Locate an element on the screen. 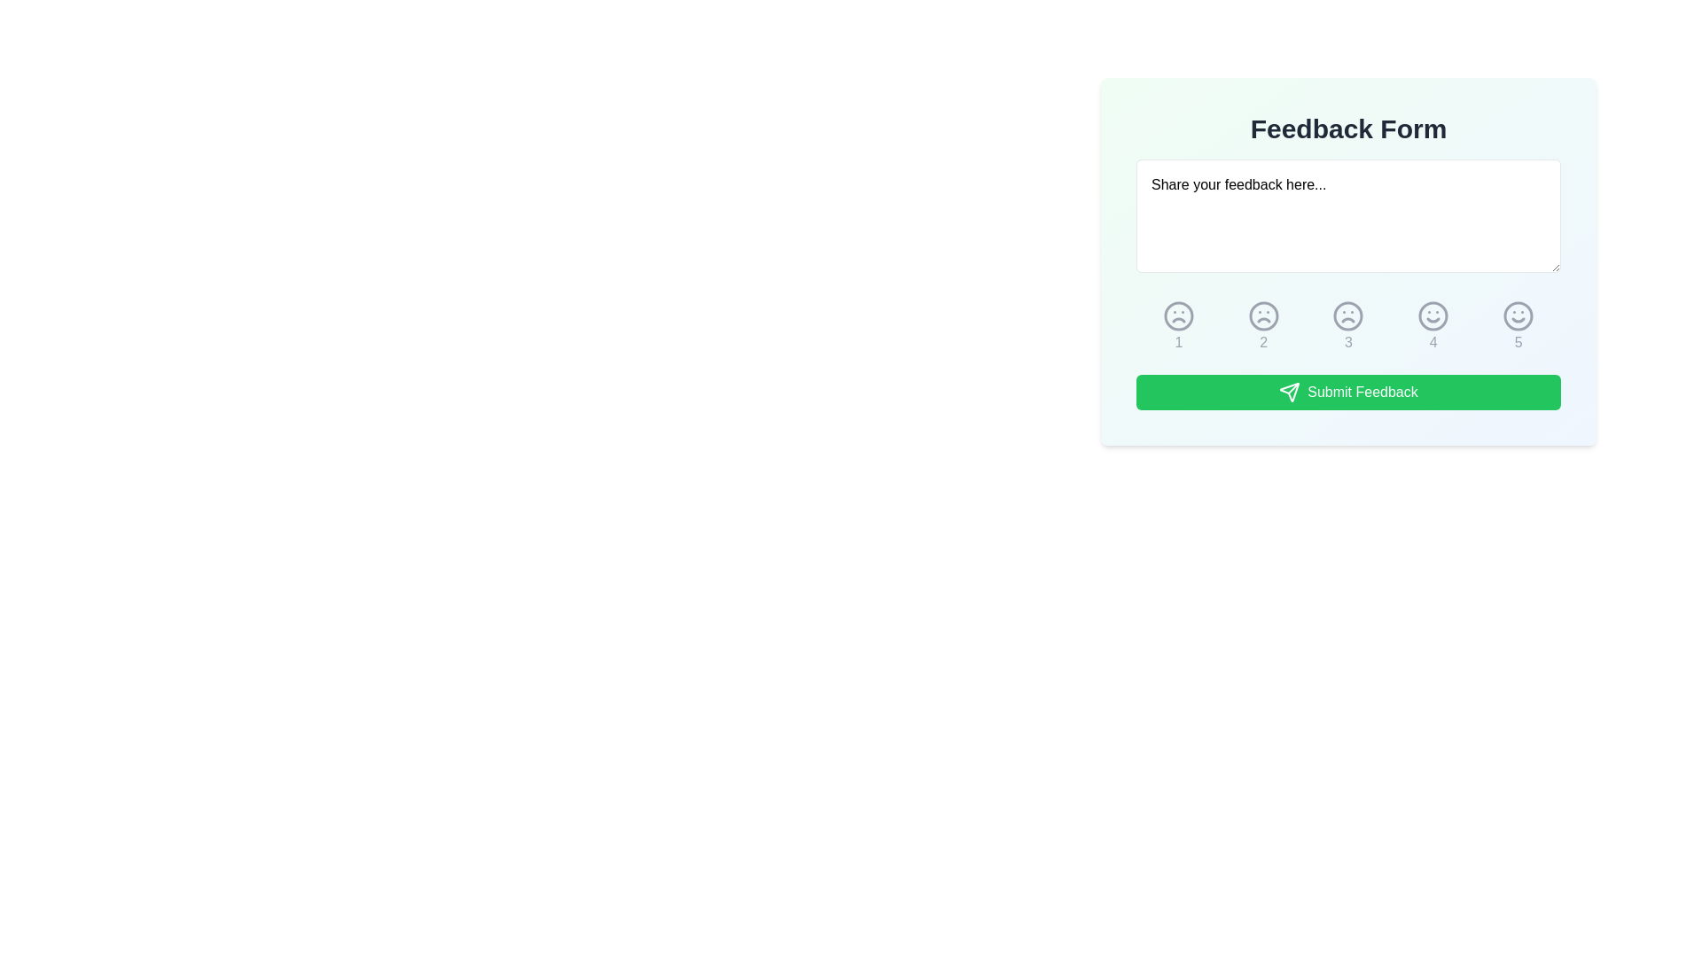  the icon located to the immediate left of the 'Submit Feedback' button, which signifies sending or submitting an action is located at coordinates (1290, 392).